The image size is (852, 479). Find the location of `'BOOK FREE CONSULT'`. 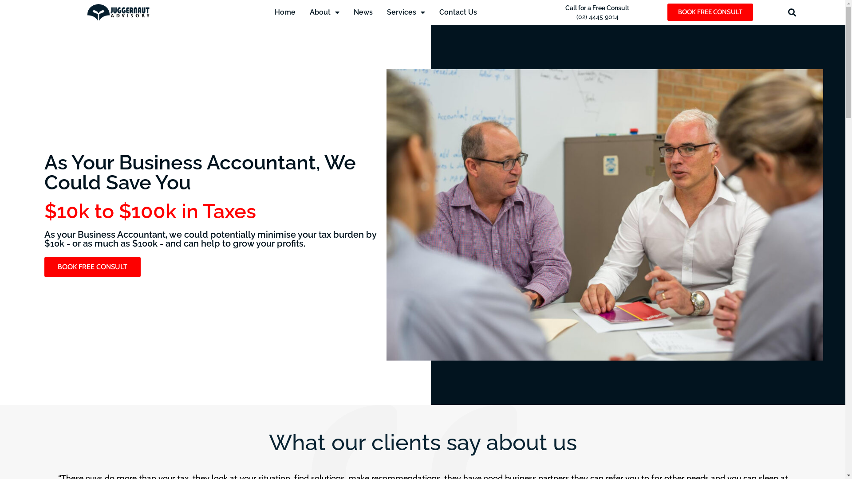

'BOOK FREE CONSULT' is located at coordinates (92, 266).